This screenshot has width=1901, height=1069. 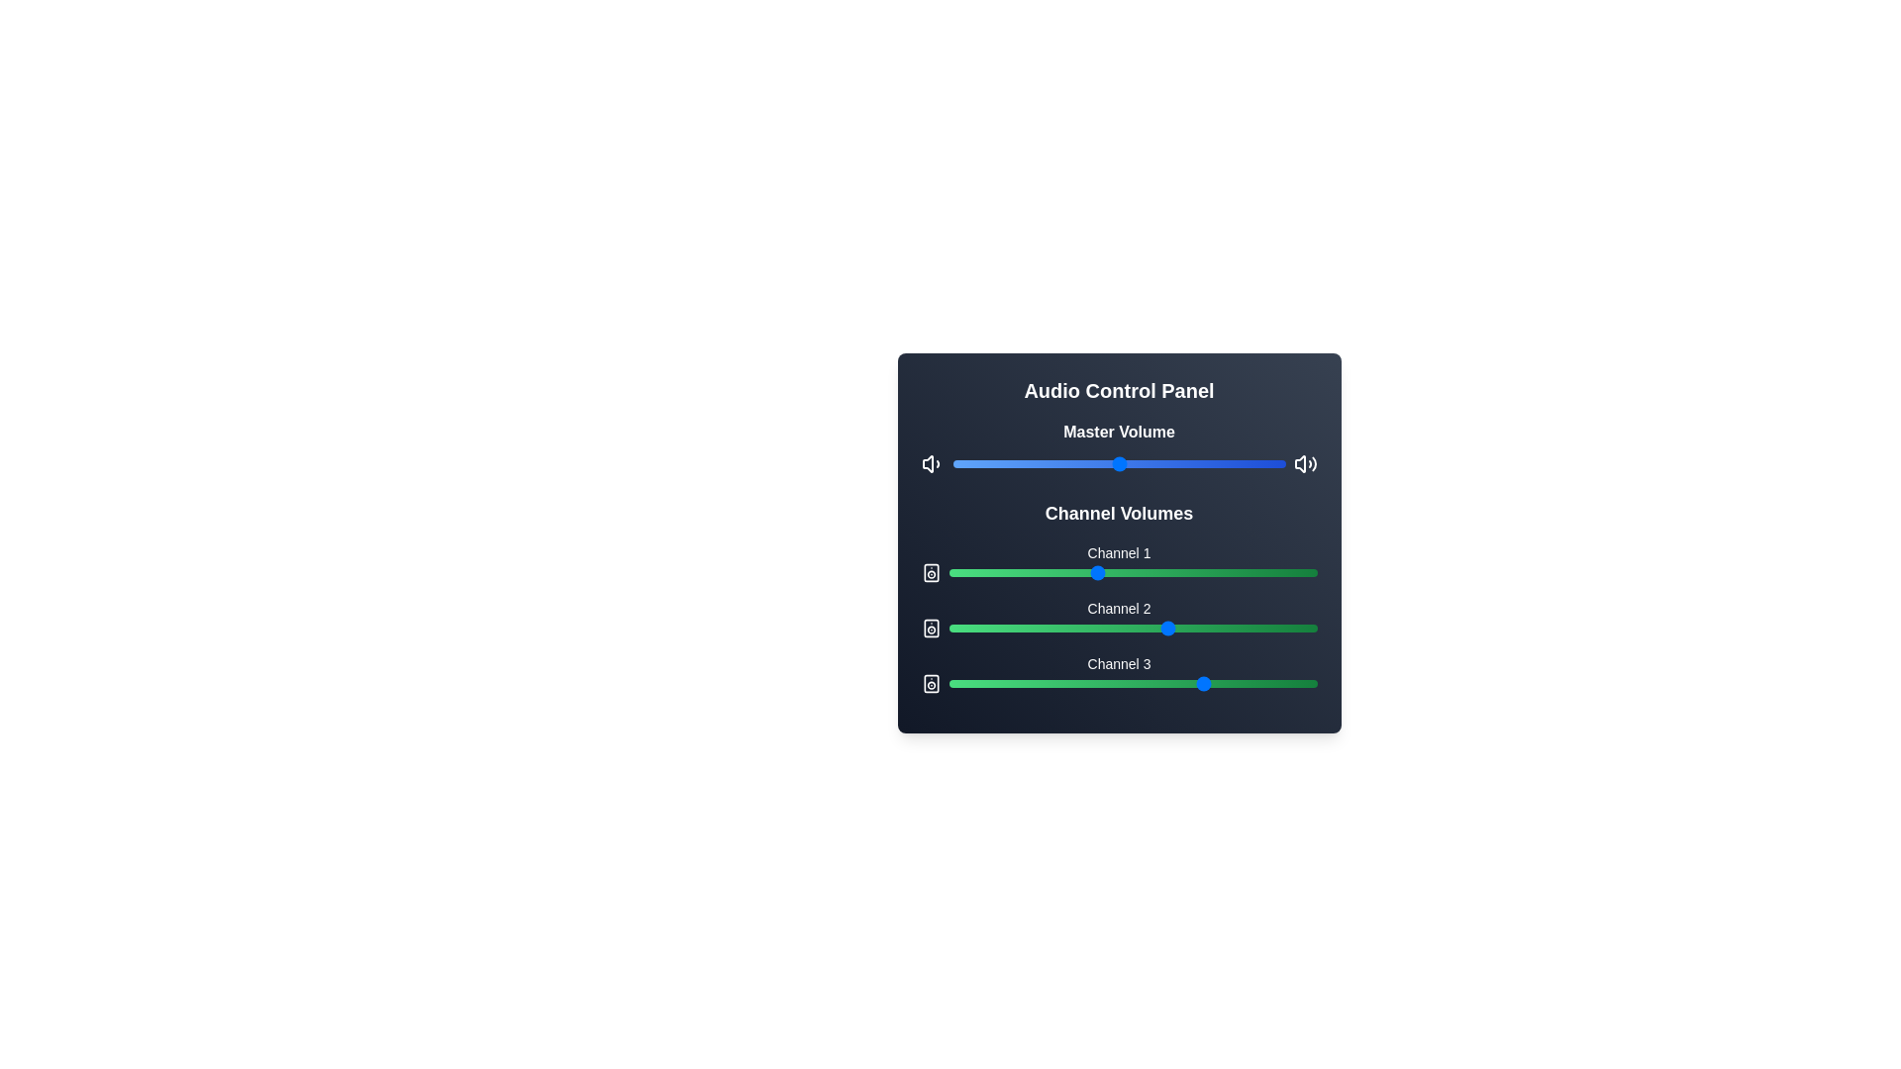 I want to click on labels of the interactive volume sliders for 'Channel 1', 'Channel 2', and 'Channel 3' located in the Audio Control Panel, which is positioned beneath the Master Volume control, so click(x=1119, y=595).